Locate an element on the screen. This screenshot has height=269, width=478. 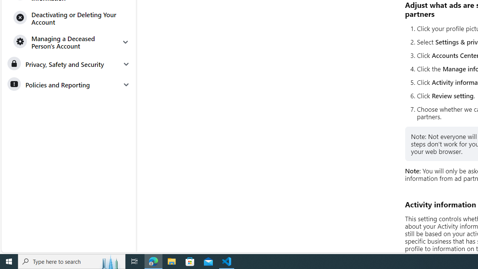
'Deactivating or Deleting Your Account' is located at coordinates (72, 18).